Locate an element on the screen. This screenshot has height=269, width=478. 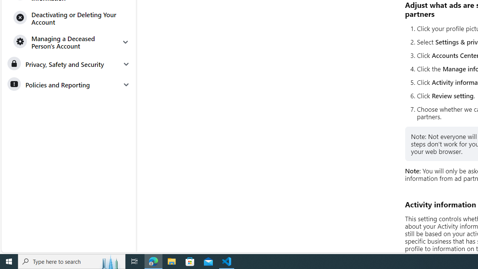
'Deactivating or Deleting Your Account' is located at coordinates (72, 18).